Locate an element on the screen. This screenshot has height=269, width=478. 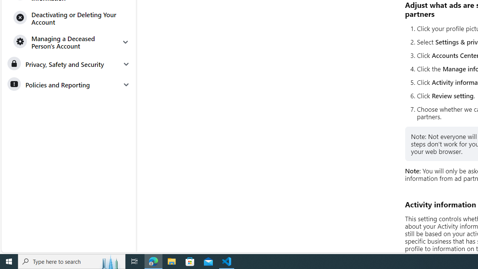
'Deactivating or Deleting Your Account' is located at coordinates (72, 18).